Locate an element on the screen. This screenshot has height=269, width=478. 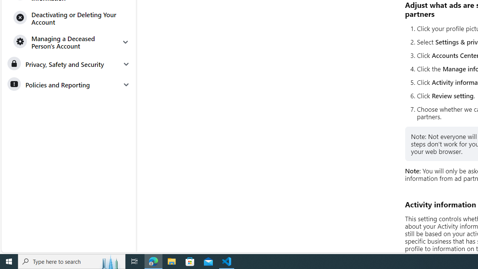
'Deactivating or Deleting Your Account' is located at coordinates (72, 18).